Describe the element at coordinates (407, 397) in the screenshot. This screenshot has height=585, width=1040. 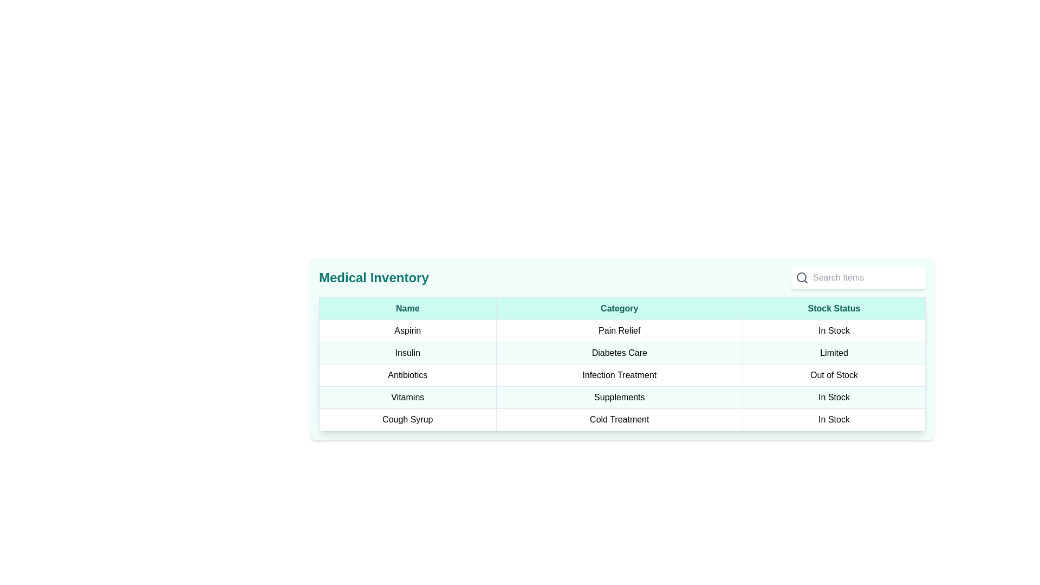
I see `the table cell containing the text 'Vitamins', which is located in the first column under the 'Name' header and is the fourth row of the table` at that location.